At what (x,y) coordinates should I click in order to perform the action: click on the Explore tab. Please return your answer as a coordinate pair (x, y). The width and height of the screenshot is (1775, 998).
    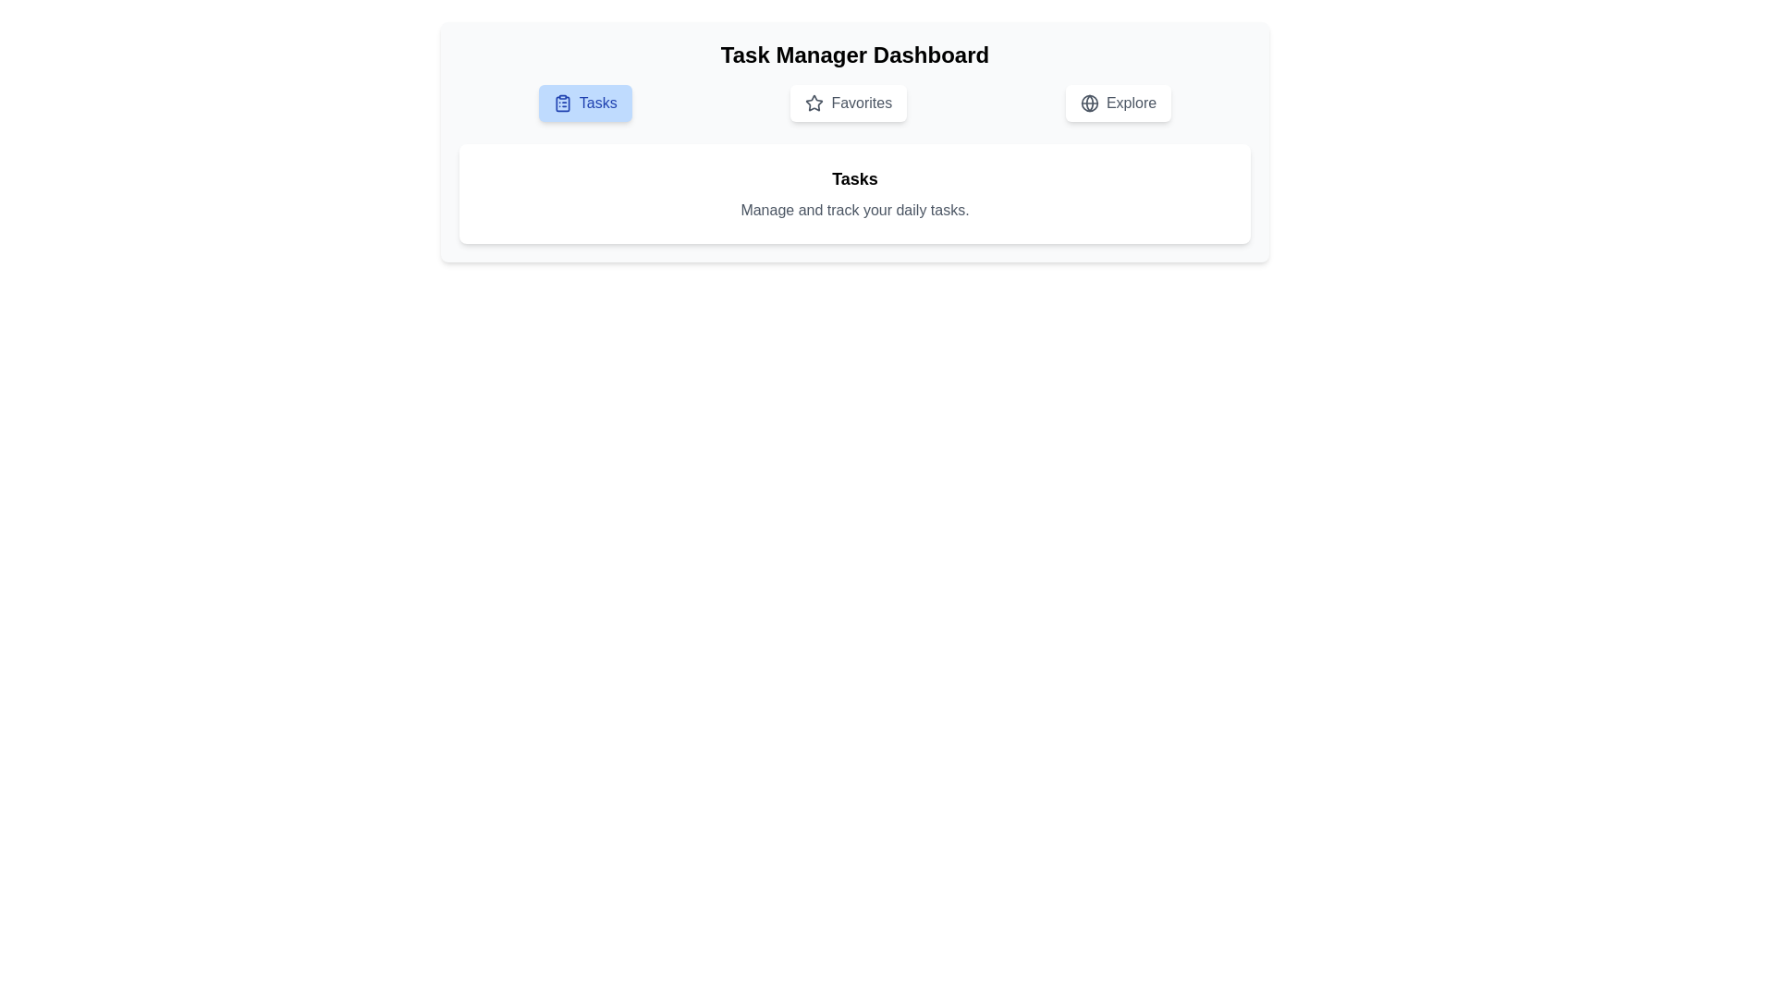
    Looking at the image, I should click on (1117, 103).